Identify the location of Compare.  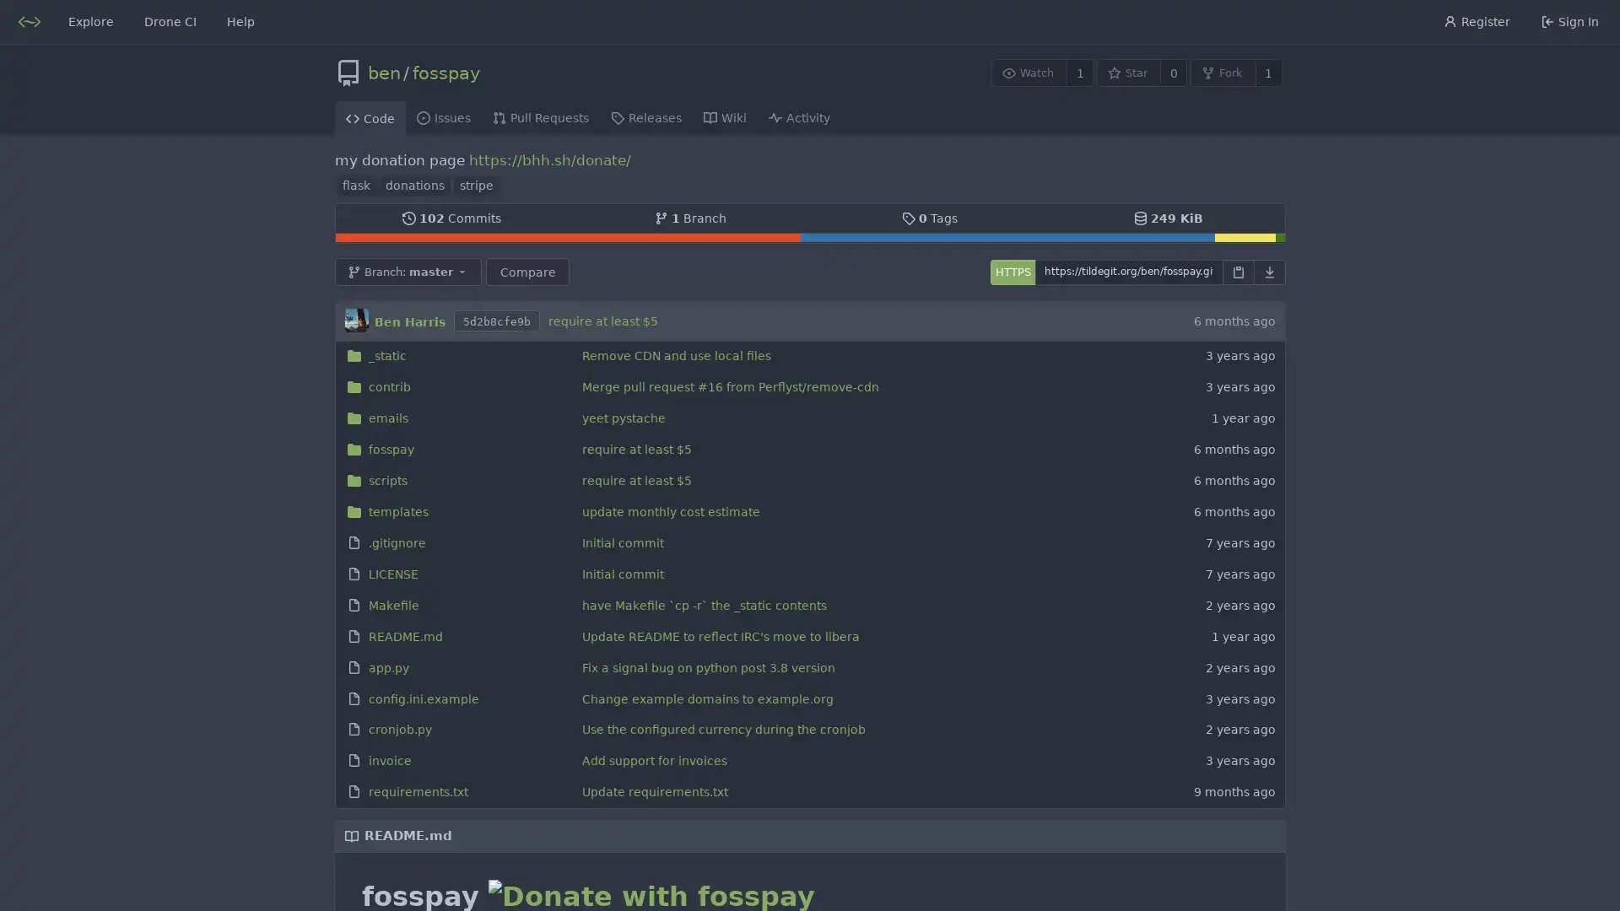
(526, 270).